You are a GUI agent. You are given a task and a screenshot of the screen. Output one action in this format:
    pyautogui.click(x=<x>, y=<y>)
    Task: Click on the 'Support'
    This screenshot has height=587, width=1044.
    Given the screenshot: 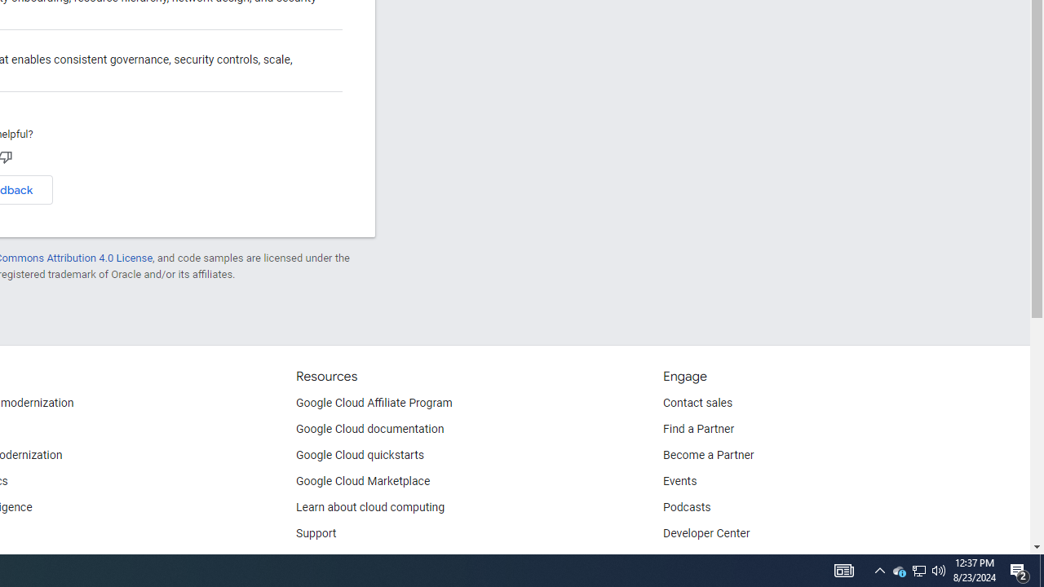 What is the action you would take?
    pyautogui.click(x=316, y=534)
    